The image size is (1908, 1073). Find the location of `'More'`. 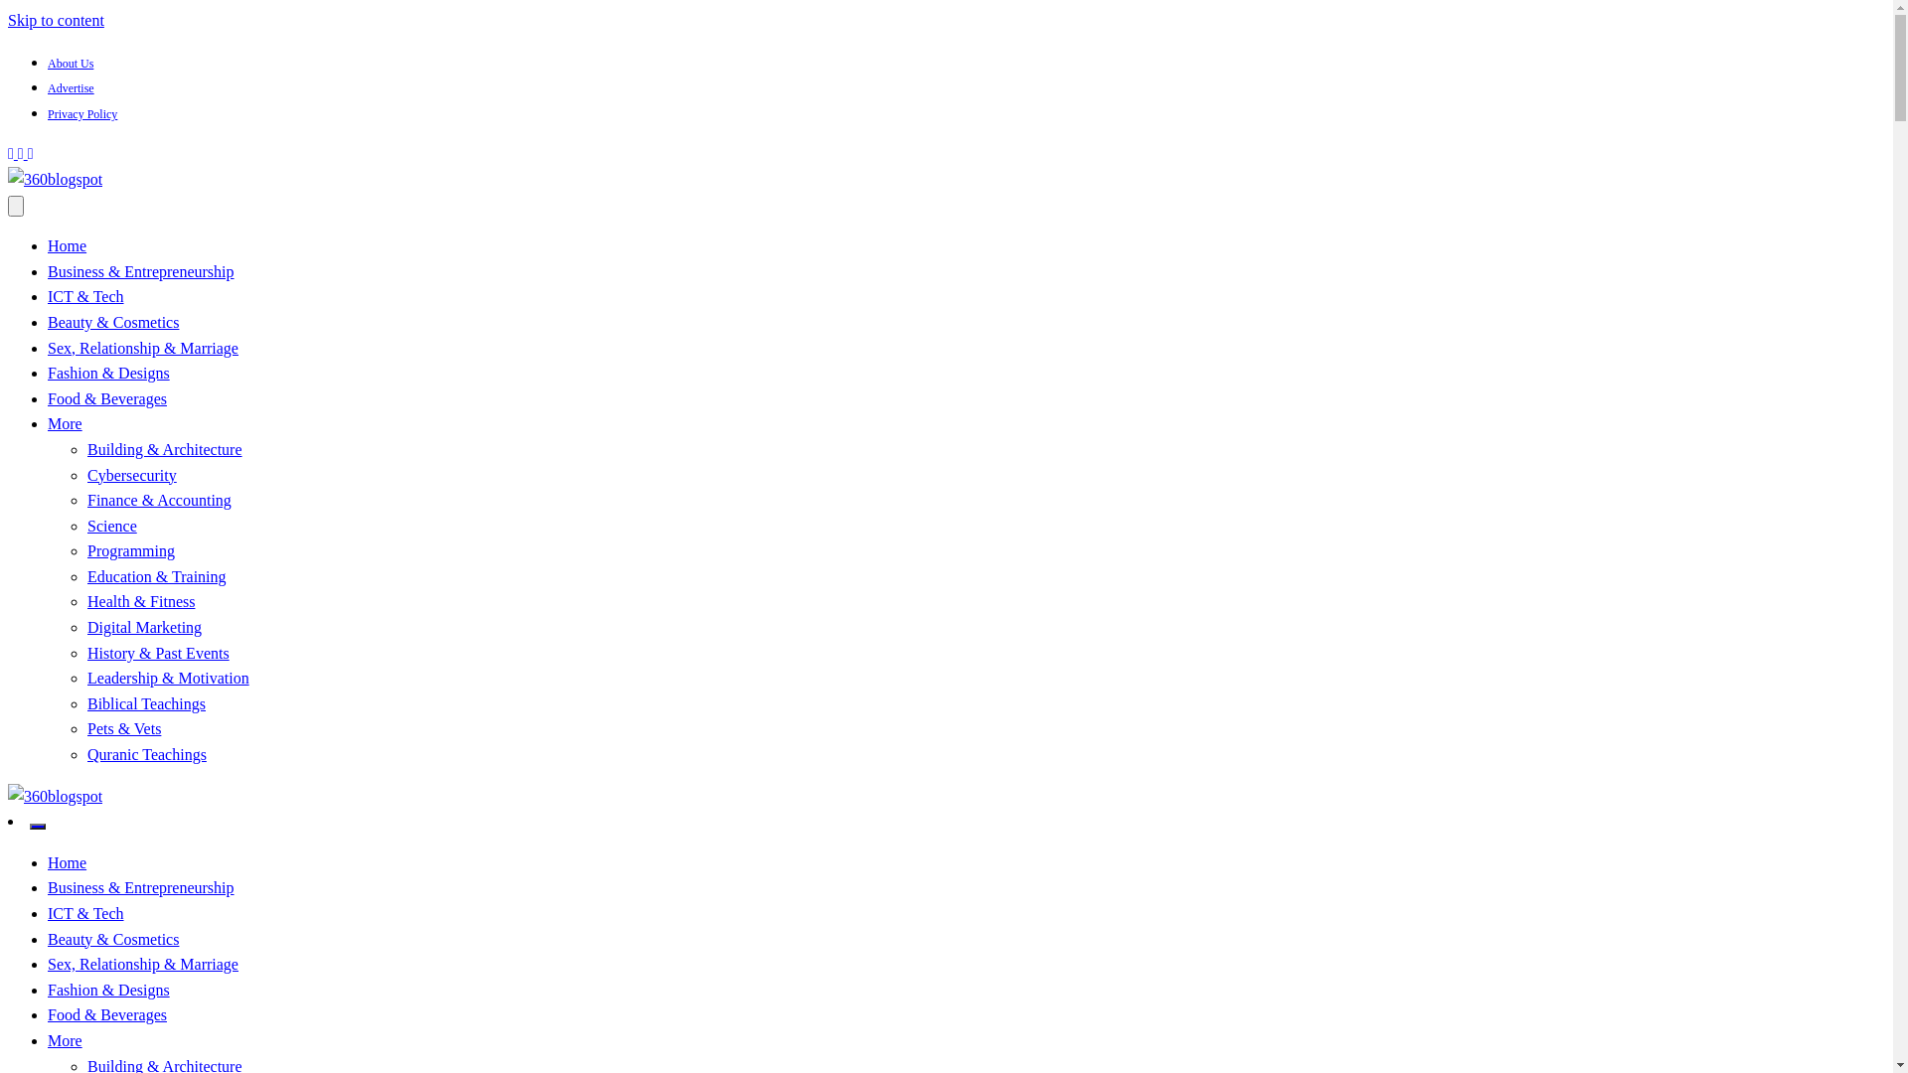

'More' is located at coordinates (65, 422).